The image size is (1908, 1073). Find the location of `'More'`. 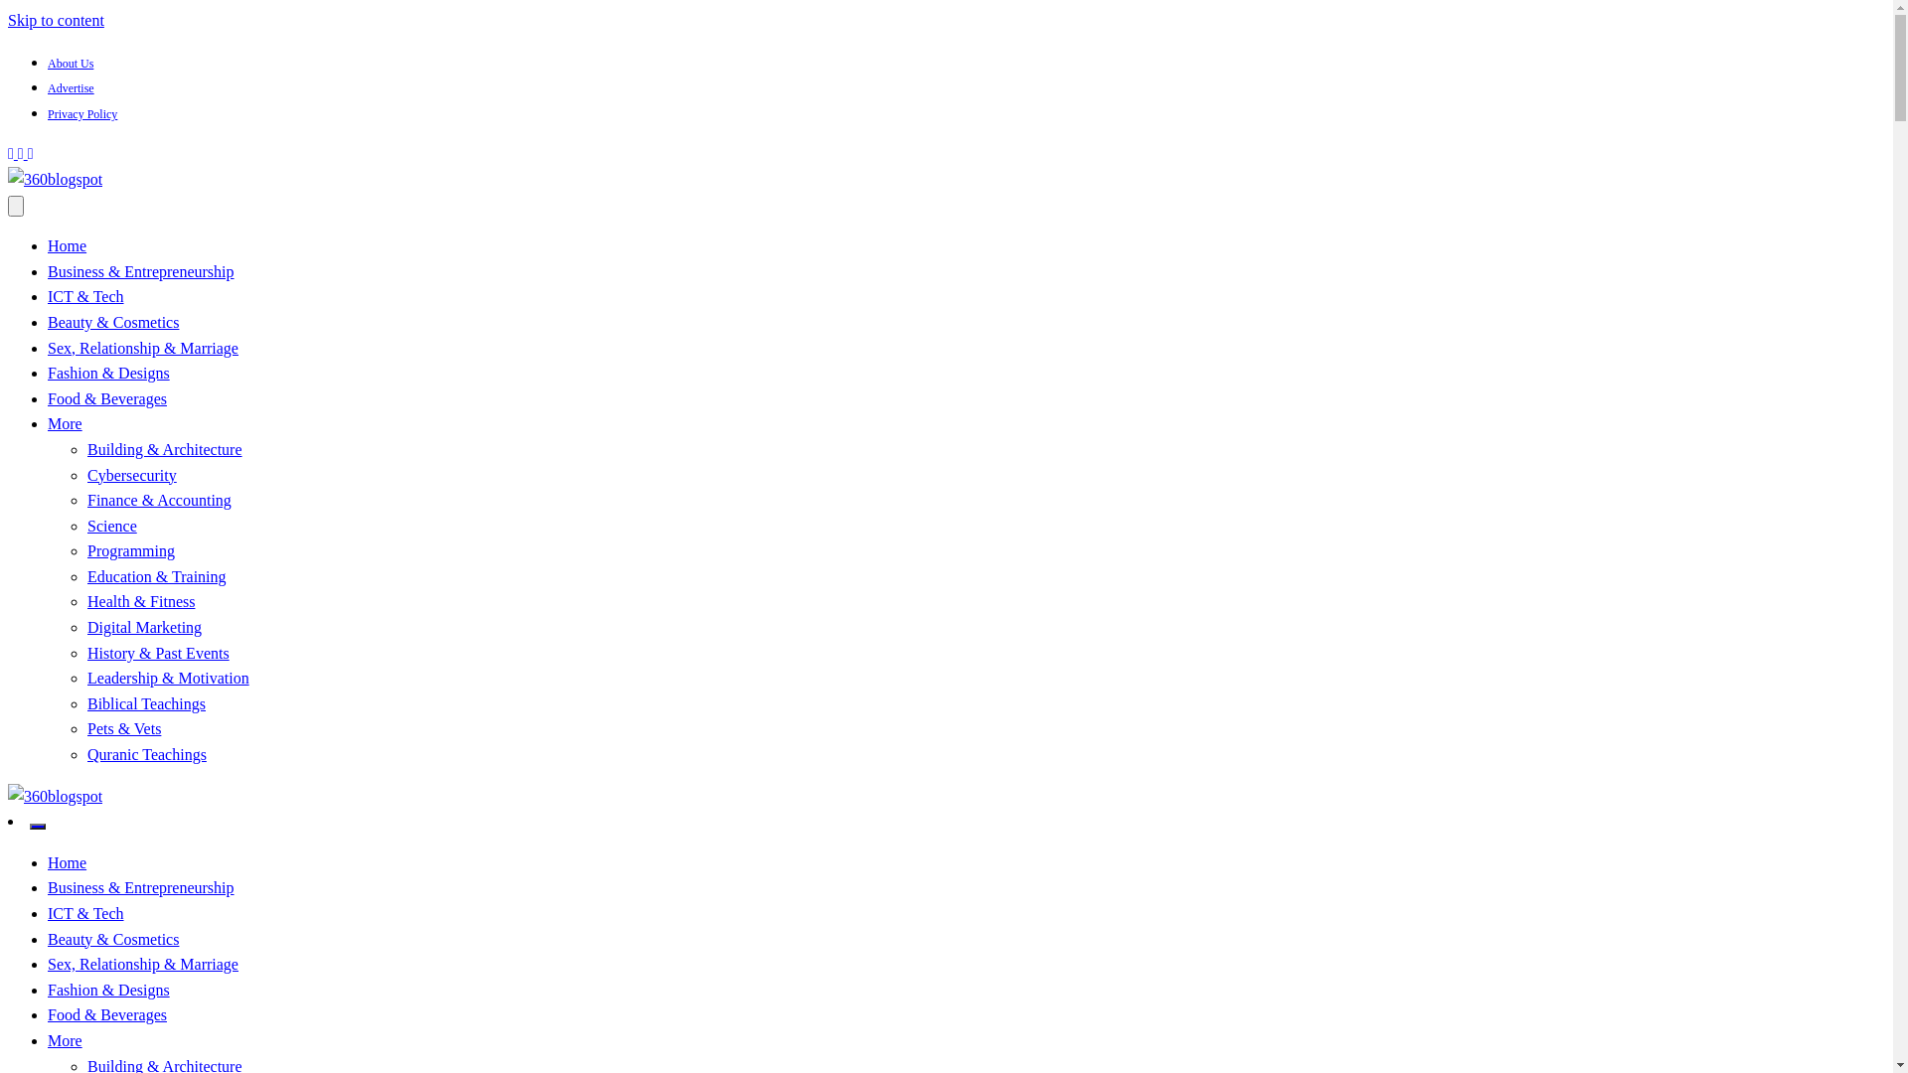

'More' is located at coordinates (65, 422).